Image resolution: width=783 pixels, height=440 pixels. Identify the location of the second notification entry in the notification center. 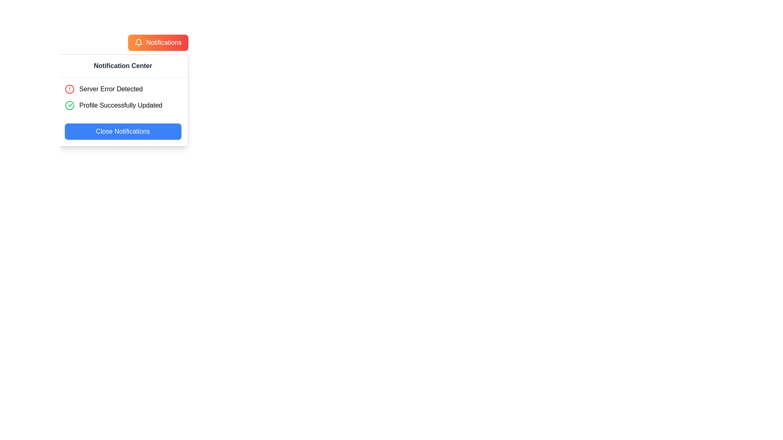
(122, 105).